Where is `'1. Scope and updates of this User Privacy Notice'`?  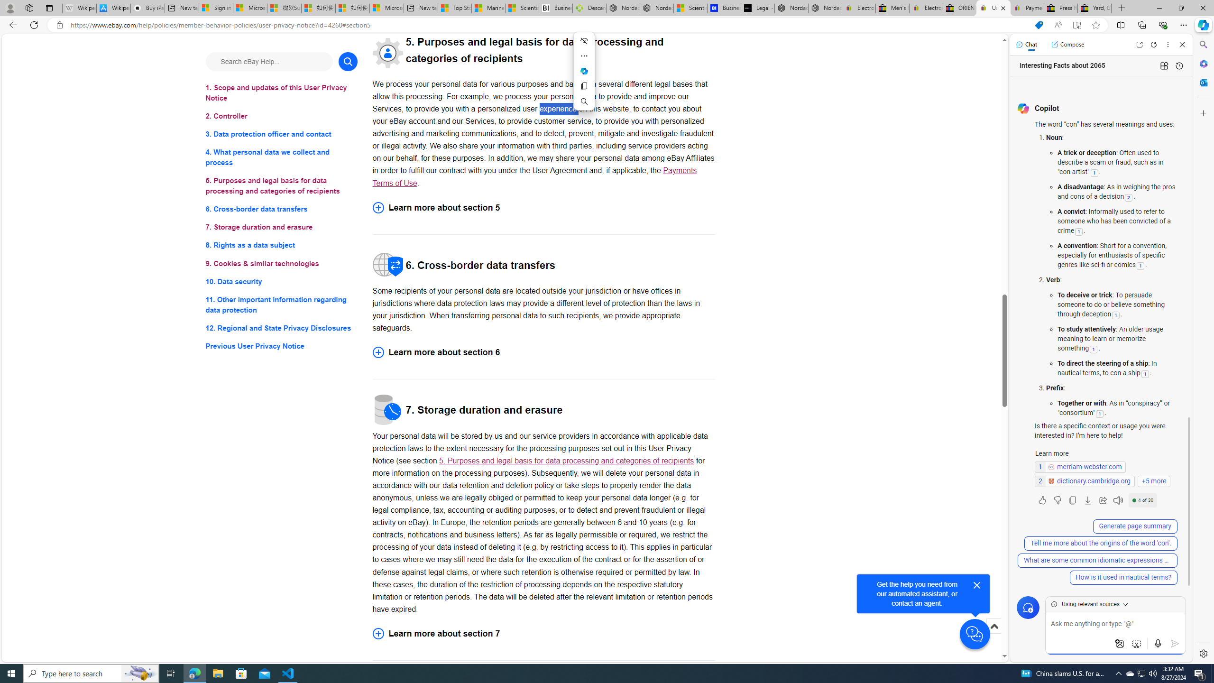
'1. Scope and updates of this User Privacy Notice' is located at coordinates (281, 92).